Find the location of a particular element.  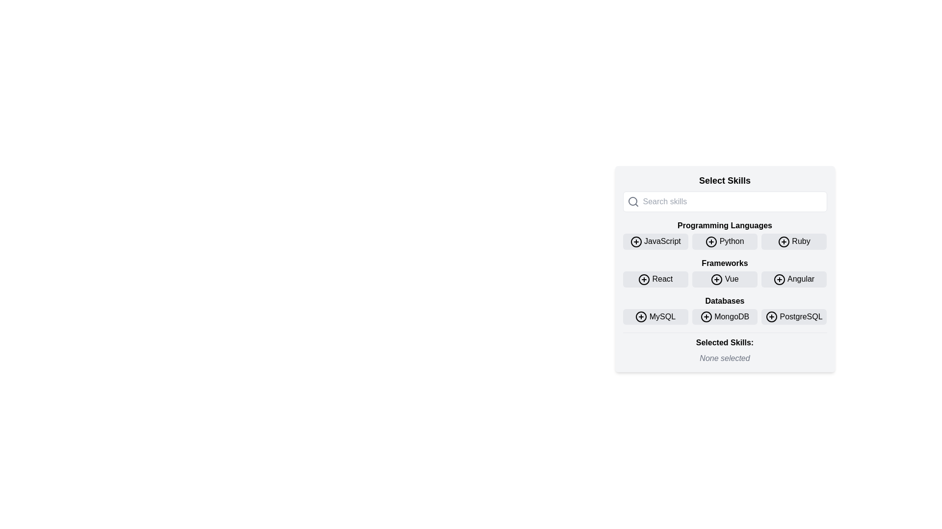

the non-interactive text label indicating 'Selected Skills' located at the bottom of the interface, above the text 'None selected.' is located at coordinates (725, 342).